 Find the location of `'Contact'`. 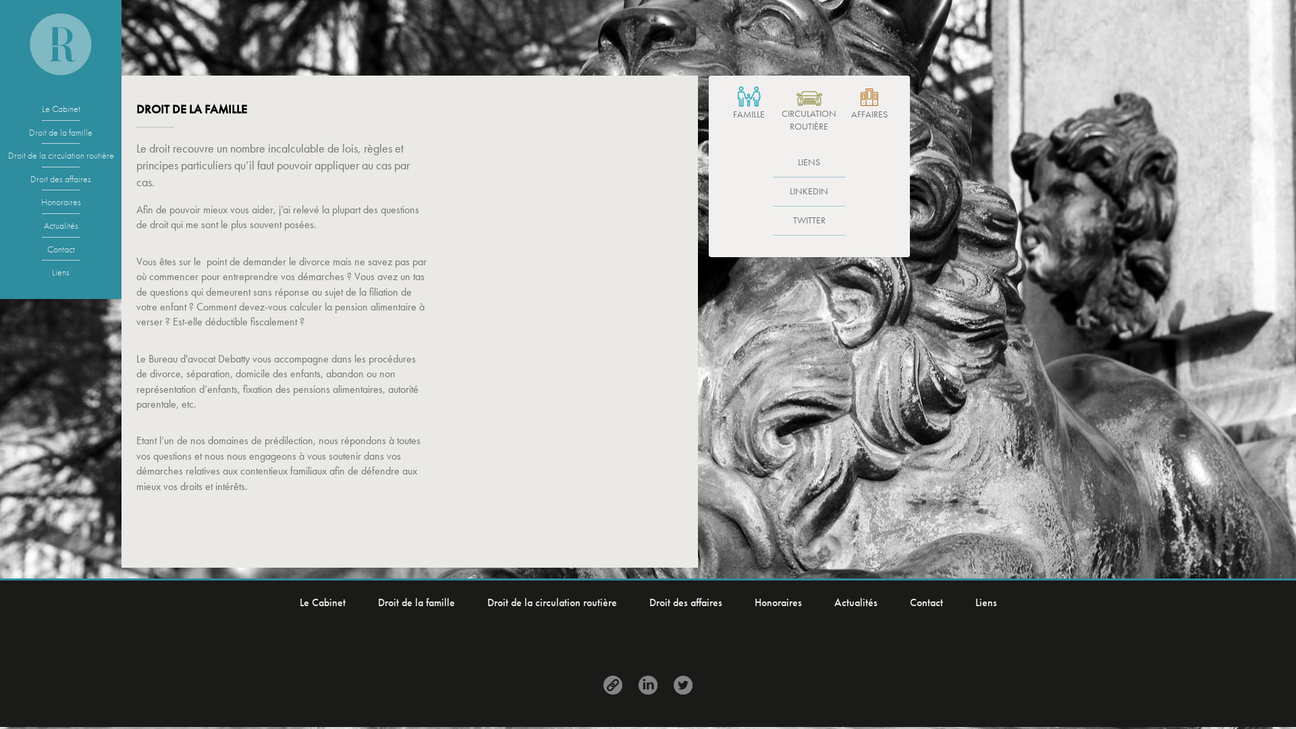

'Contact' is located at coordinates (925, 602).